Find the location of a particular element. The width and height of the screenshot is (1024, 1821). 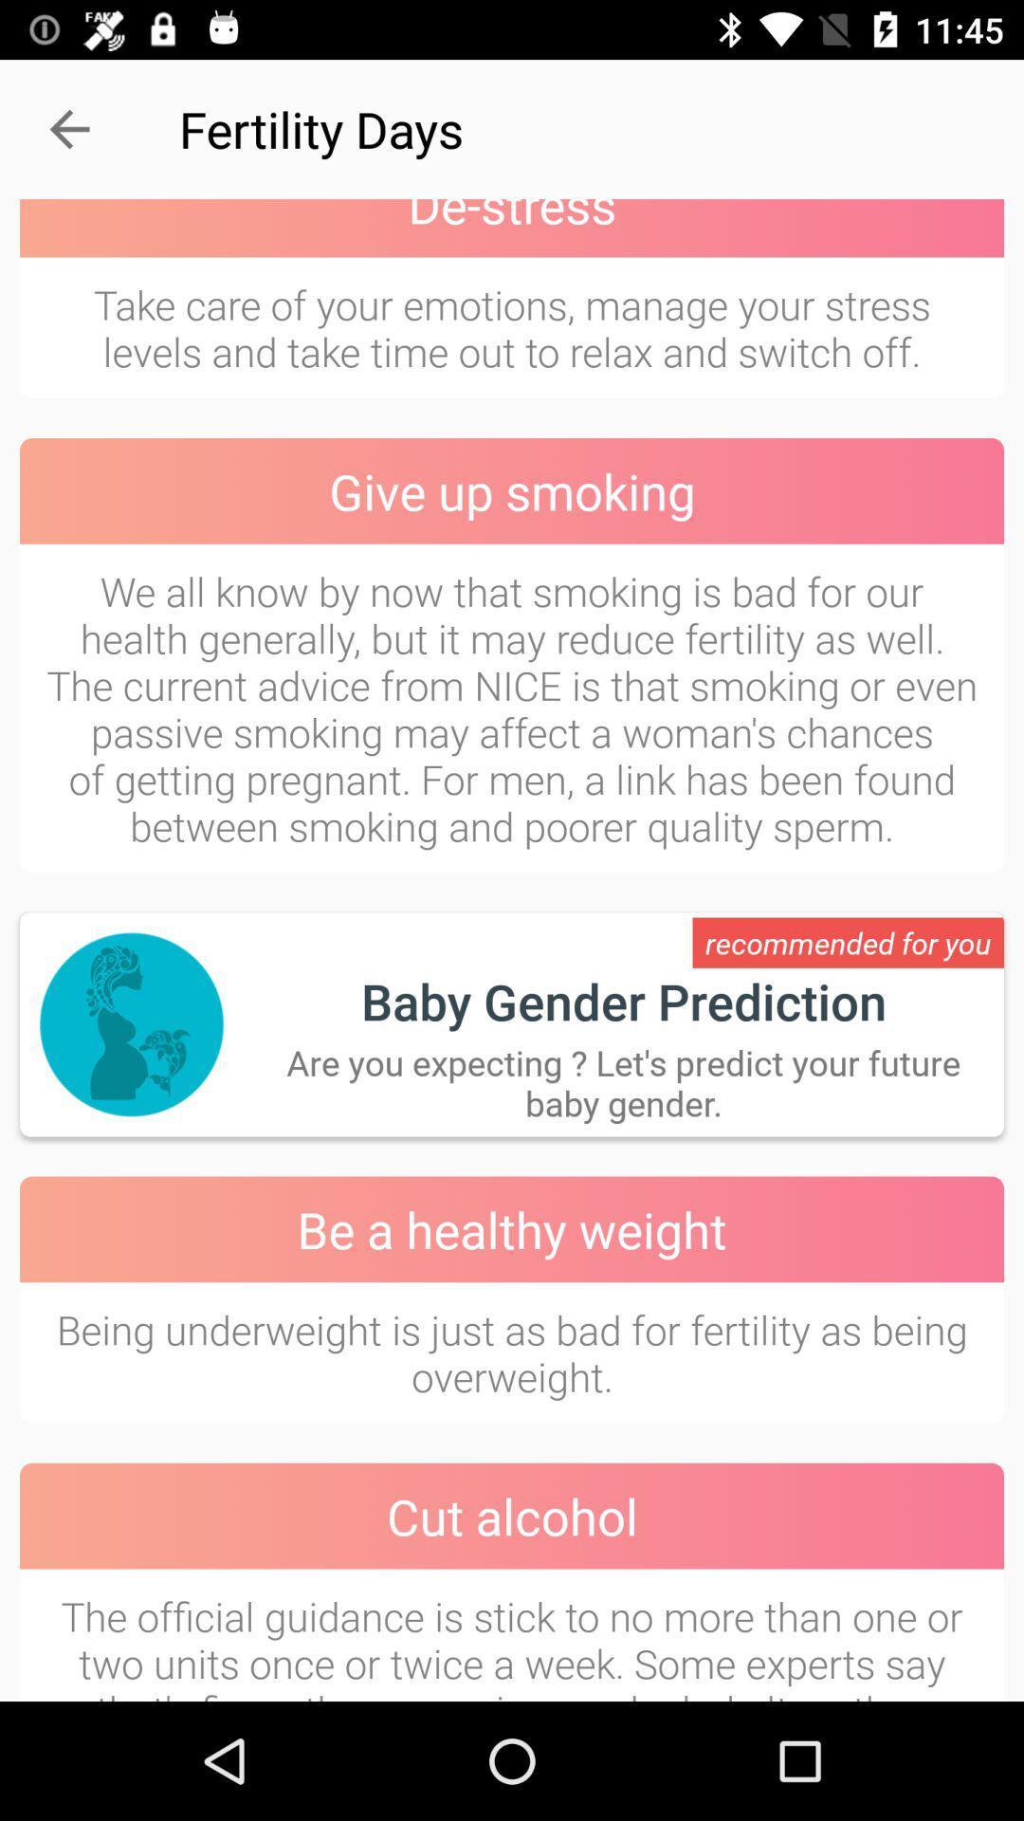

the icon above the de-stress is located at coordinates (68, 128).